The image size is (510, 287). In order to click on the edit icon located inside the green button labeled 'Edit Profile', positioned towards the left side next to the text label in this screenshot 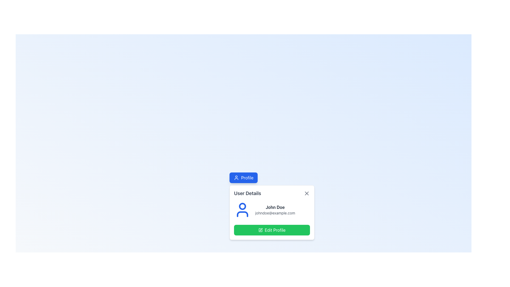, I will do `click(260, 230)`.